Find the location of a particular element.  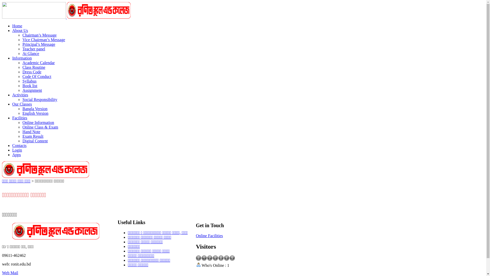

'Social Responsibility' is located at coordinates (40, 99).